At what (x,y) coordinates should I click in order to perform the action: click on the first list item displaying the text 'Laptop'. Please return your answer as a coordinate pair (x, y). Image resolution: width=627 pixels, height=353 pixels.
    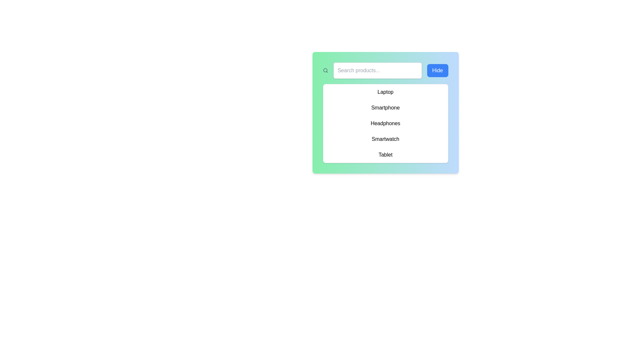
    Looking at the image, I should click on (385, 92).